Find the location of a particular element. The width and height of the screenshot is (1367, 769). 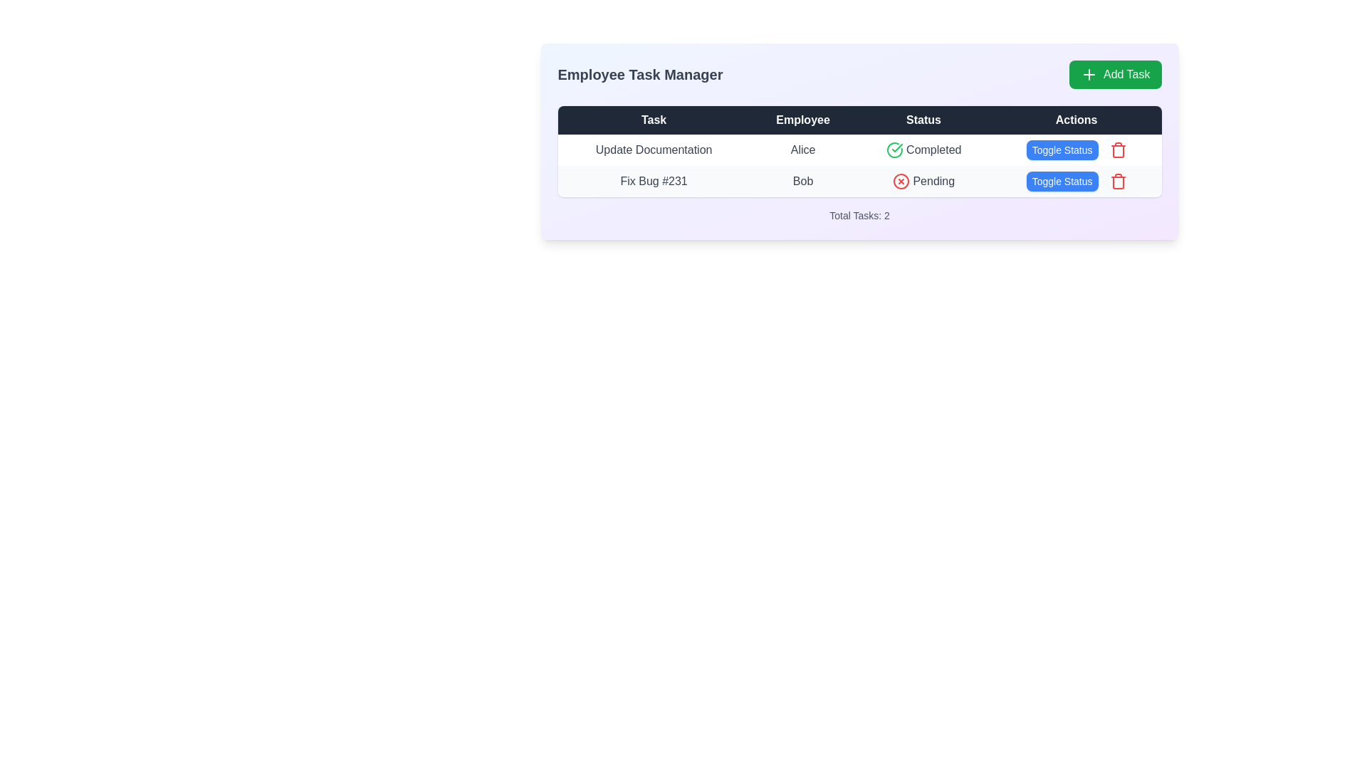

the header label for the 'Task' column in the data table, which is the first label in the row of four labels (Task, Employee, Status, Actions) is located at coordinates (653, 120).